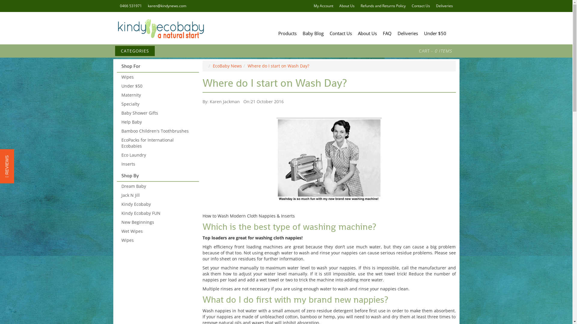 This screenshot has width=577, height=324. Describe the element at coordinates (444, 6) in the screenshot. I see `'Deliveries'` at that location.